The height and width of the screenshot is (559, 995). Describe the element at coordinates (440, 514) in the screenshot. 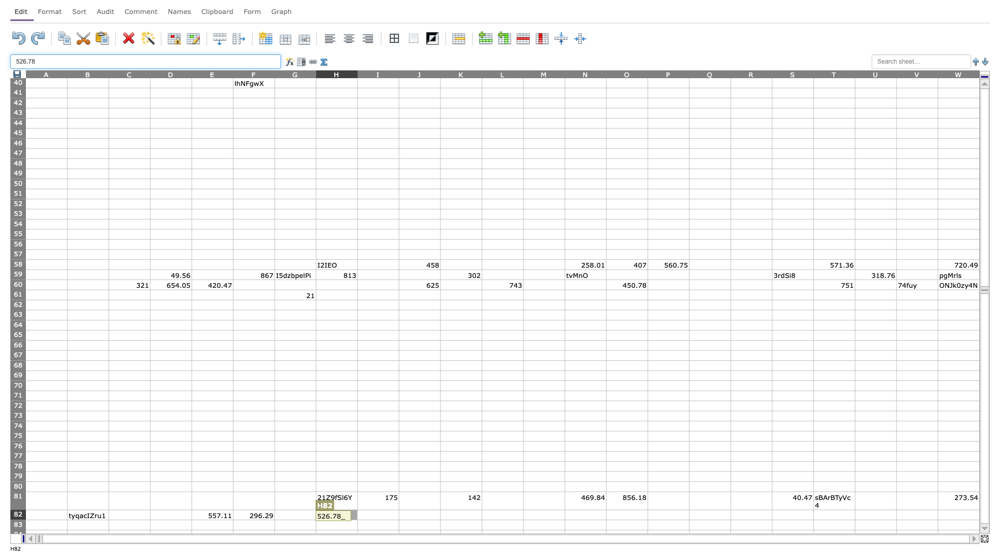

I see `right edge at column J row 82` at that location.